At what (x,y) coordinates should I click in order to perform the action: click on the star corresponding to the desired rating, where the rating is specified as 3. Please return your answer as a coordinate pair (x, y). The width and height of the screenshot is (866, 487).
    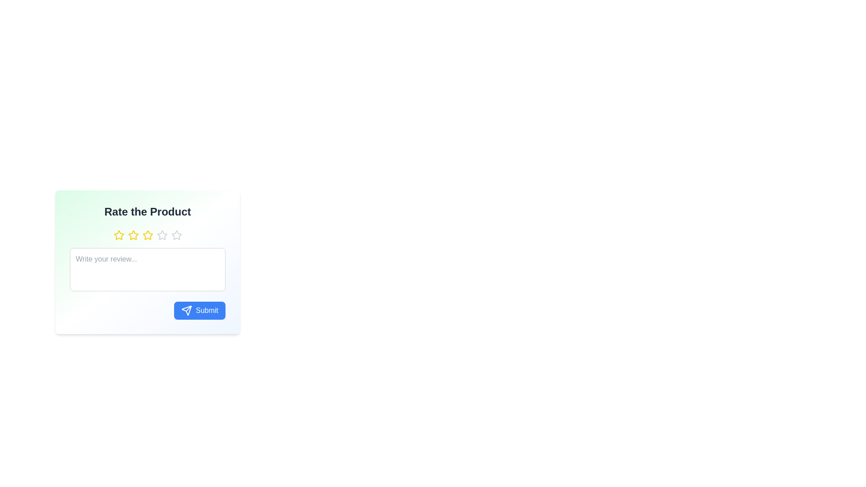
    Looking at the image, I should click on (147, 234).